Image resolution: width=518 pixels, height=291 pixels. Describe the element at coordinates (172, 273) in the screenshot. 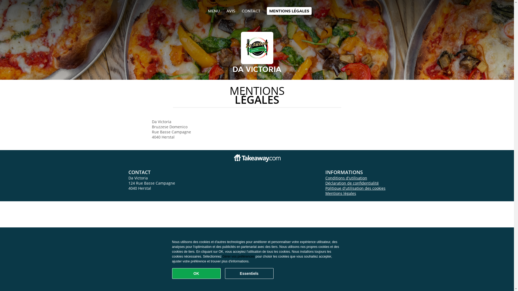

I see `'OK'` at that location.